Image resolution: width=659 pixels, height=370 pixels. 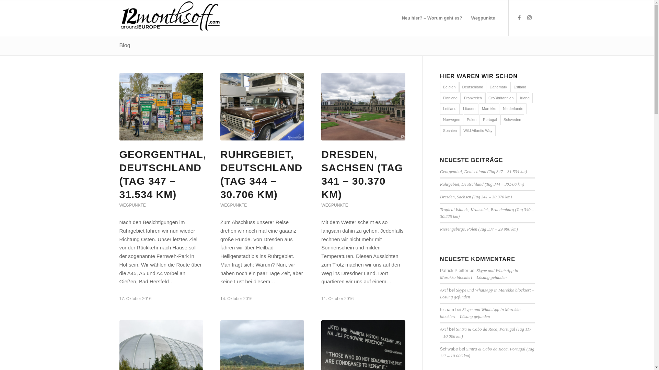 What do you see at coordinates (512, 119) in the screenshot?
I see `'Schweden'` at bounding box center [512, 119].